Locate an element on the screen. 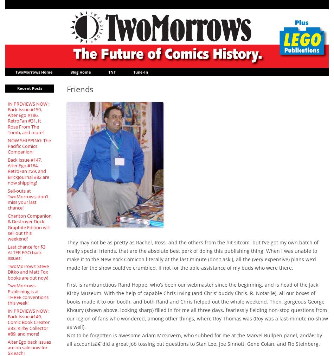 The width and height of the screenshot is (334, 356). 'TwoMorrows Home' is located at coordinates (34, 71).